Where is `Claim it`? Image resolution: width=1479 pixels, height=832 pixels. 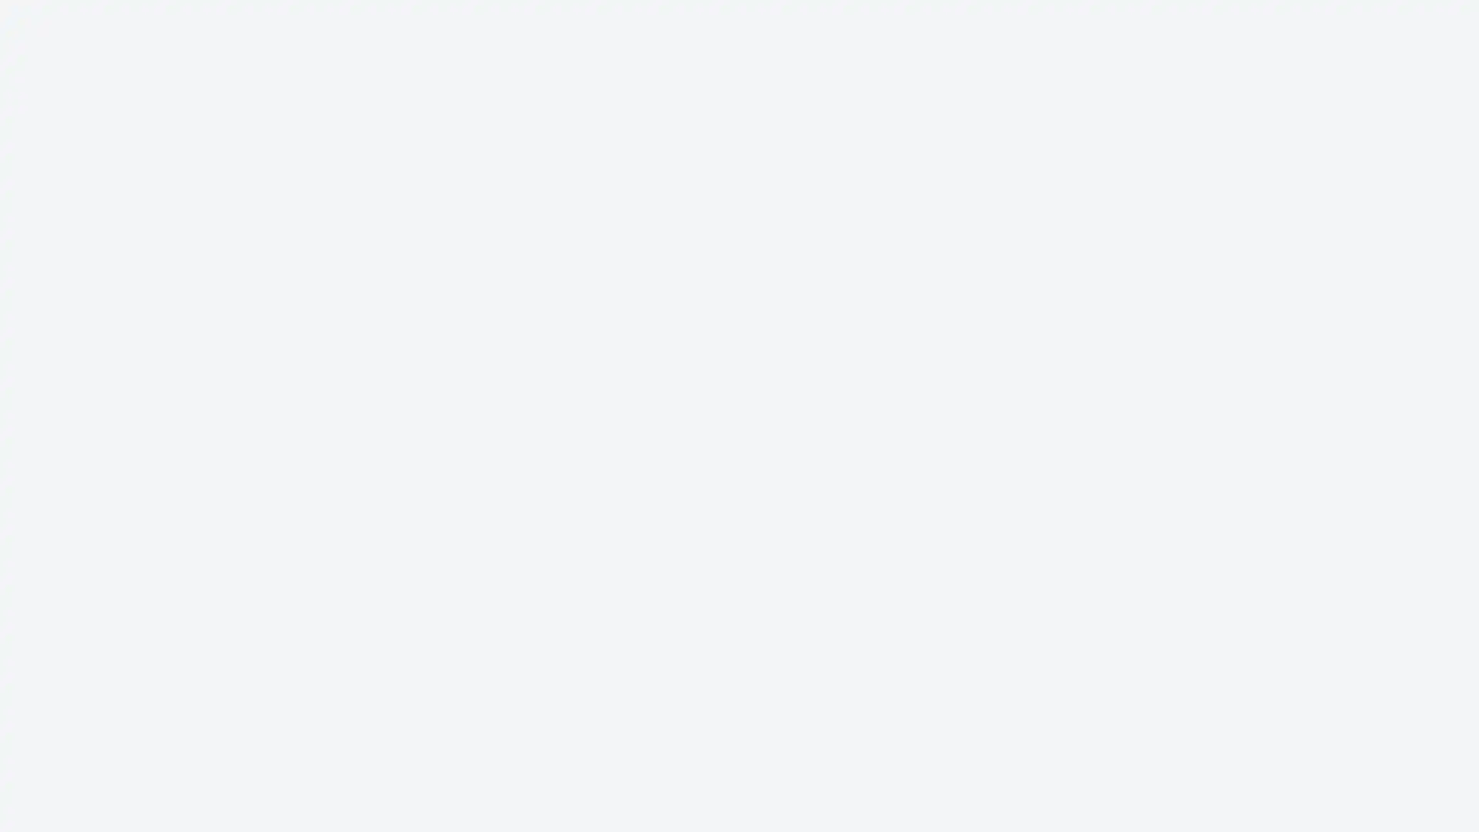 Claim it is located at coordinates (887, 363).